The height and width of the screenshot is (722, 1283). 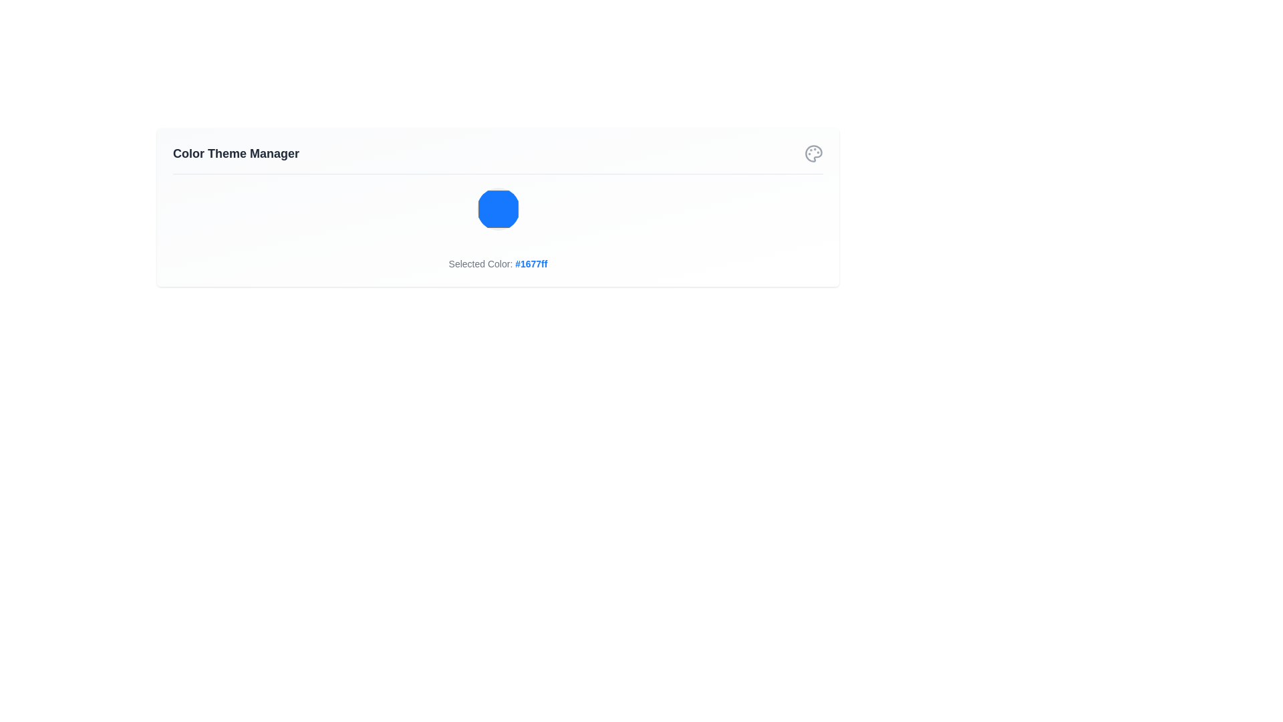 What do you see at coordinates (813, 153) in the screenshot?
I see `the palette icon in the top-right corner of the interface` at bounding box center [813, 153].